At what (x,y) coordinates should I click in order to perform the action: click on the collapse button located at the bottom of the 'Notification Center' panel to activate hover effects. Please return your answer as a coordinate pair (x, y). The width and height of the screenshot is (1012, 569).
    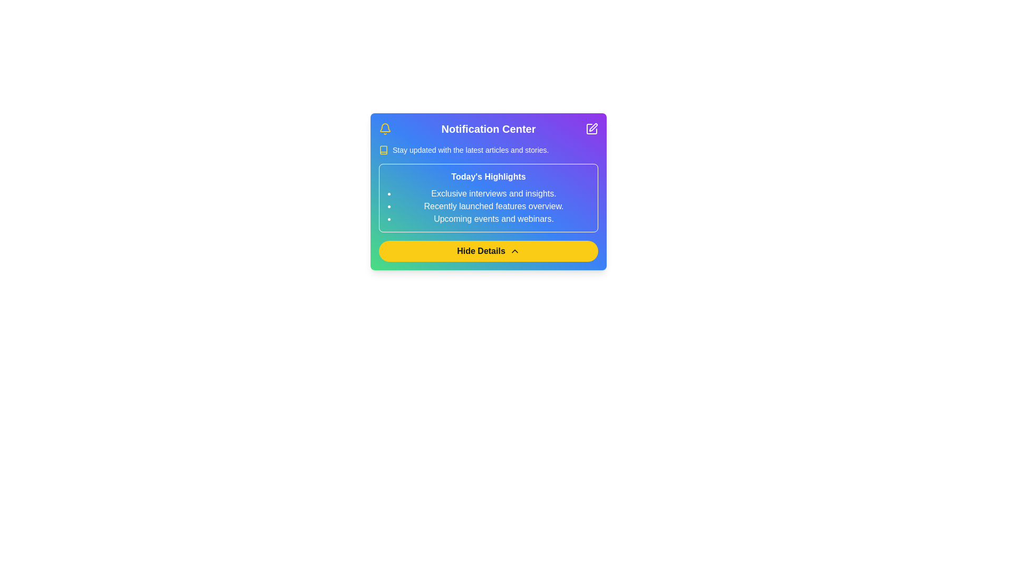
    Looking at the image, I should click on (488, 251).